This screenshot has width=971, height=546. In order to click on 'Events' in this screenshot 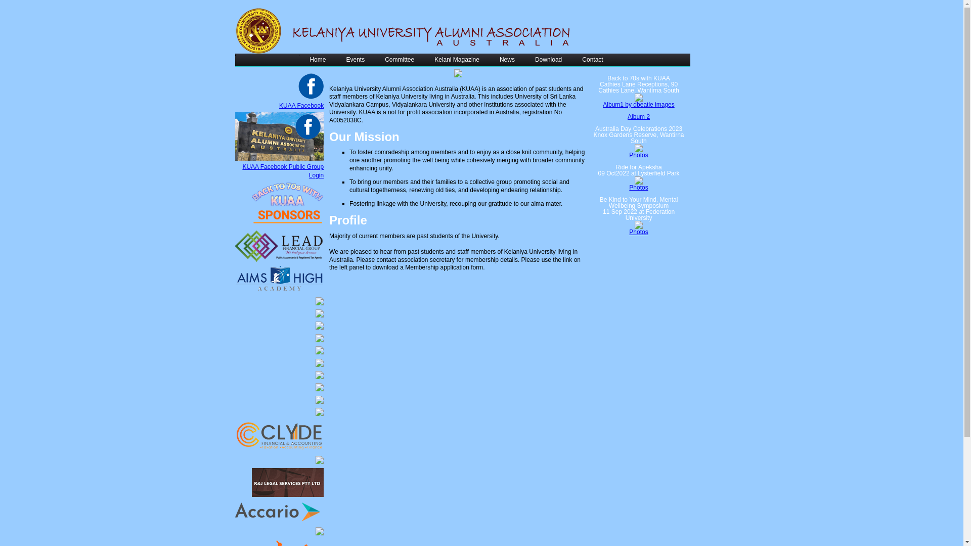, I will do `click(355, 60)`.